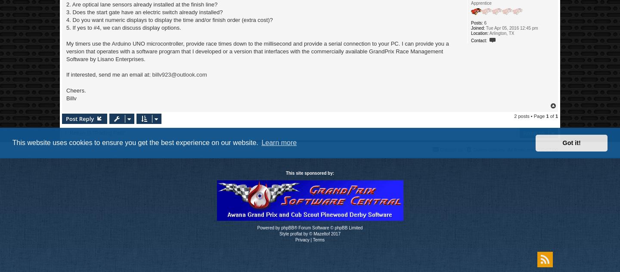 Image resolution: width=620 pixels, height=272 pixels. Describe the element at coordinates (142, 4) in the screenshot. I see `'2. Are optical lane sensors already installed at the finish line?'` at that location.